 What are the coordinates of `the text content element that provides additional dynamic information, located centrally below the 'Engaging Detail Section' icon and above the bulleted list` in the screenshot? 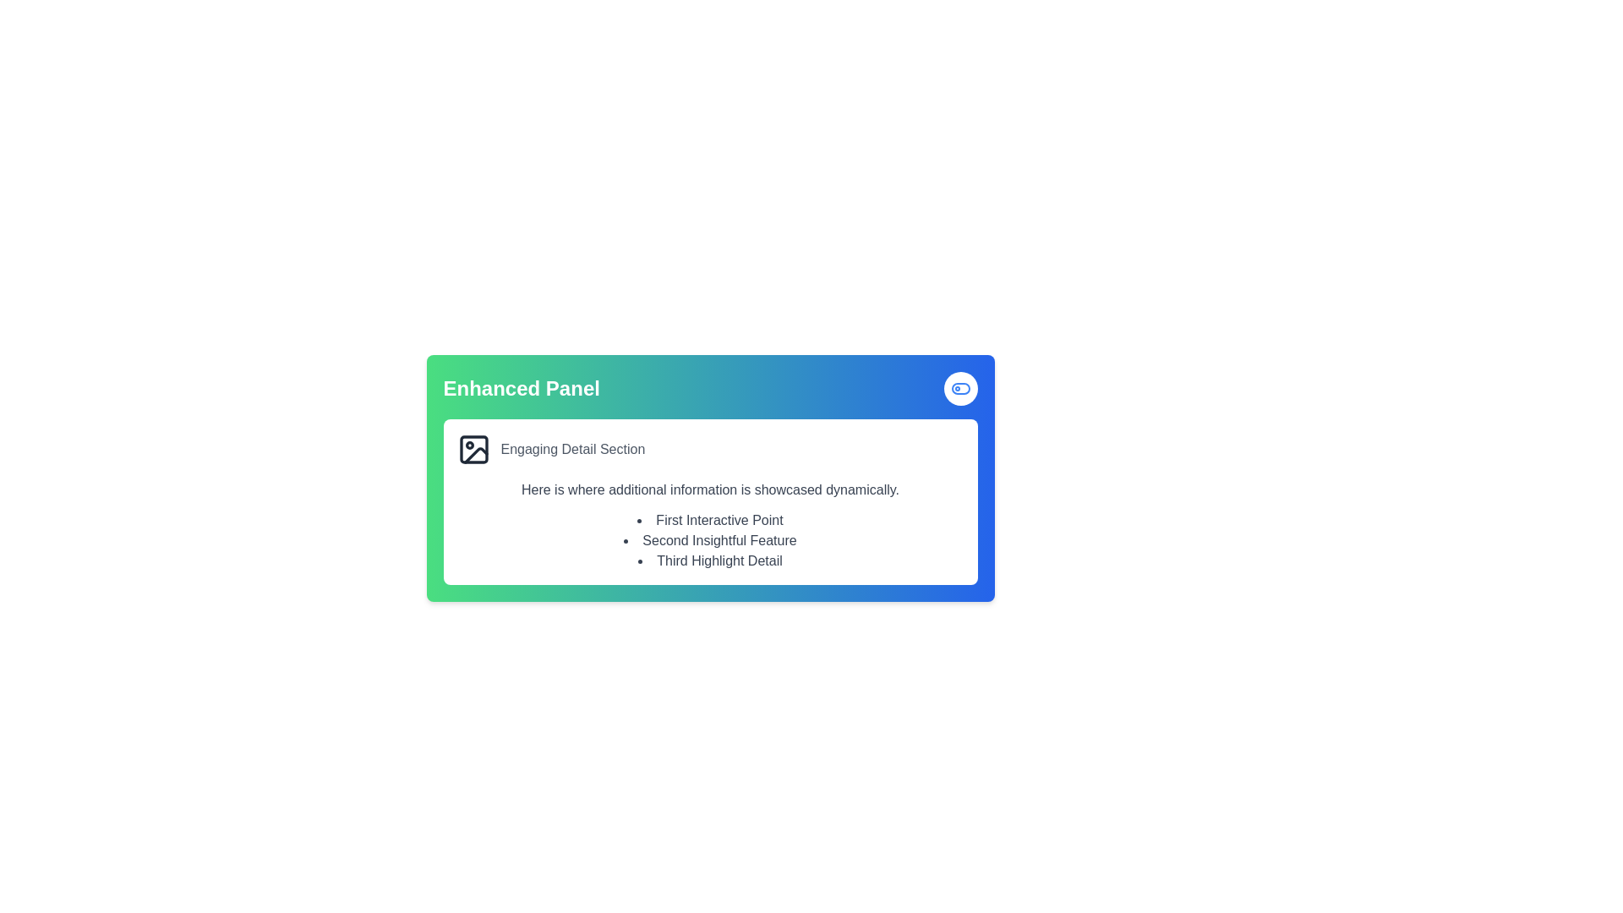 It's located at (710, 489).